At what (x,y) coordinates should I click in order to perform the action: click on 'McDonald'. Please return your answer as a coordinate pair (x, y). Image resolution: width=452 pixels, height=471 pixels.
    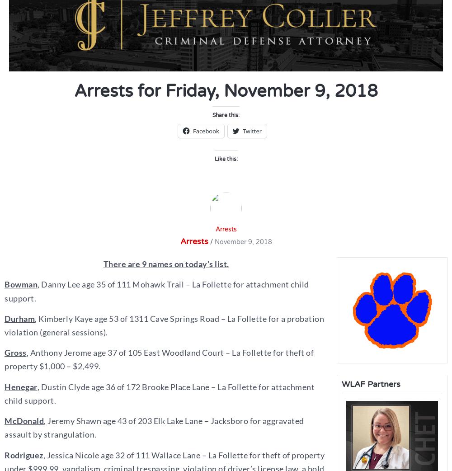
    Looking at the image, I should click on (24, 420).